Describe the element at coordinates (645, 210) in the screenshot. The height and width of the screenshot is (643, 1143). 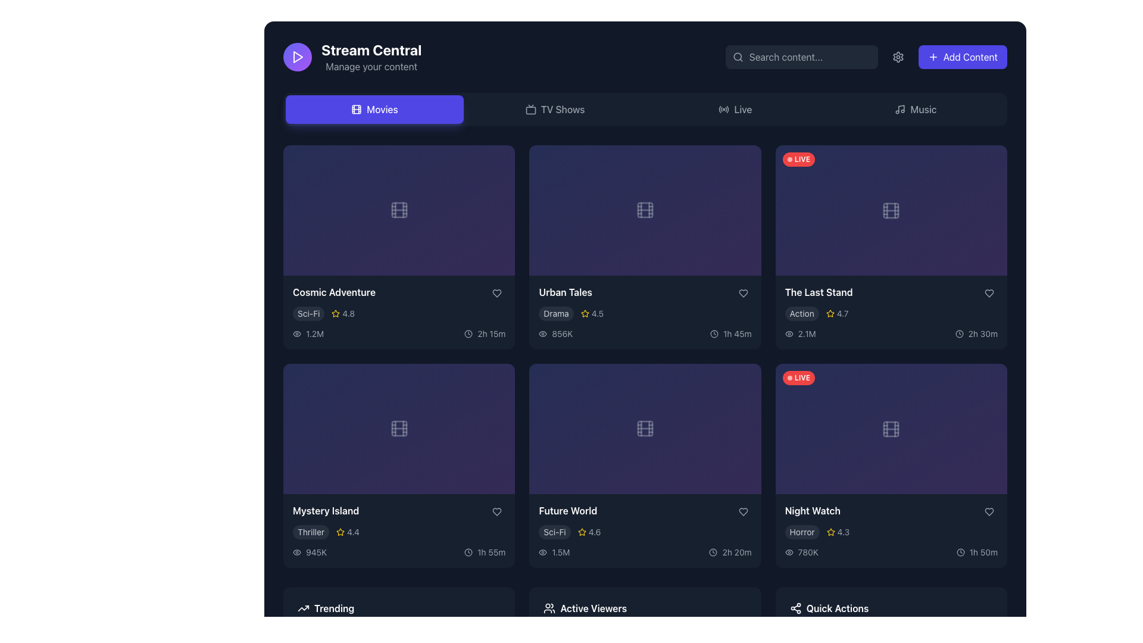
I see `the decorative graphical element resembling a film strip icon, centrally positioned within the media item card in the second column of the first row` at that location.